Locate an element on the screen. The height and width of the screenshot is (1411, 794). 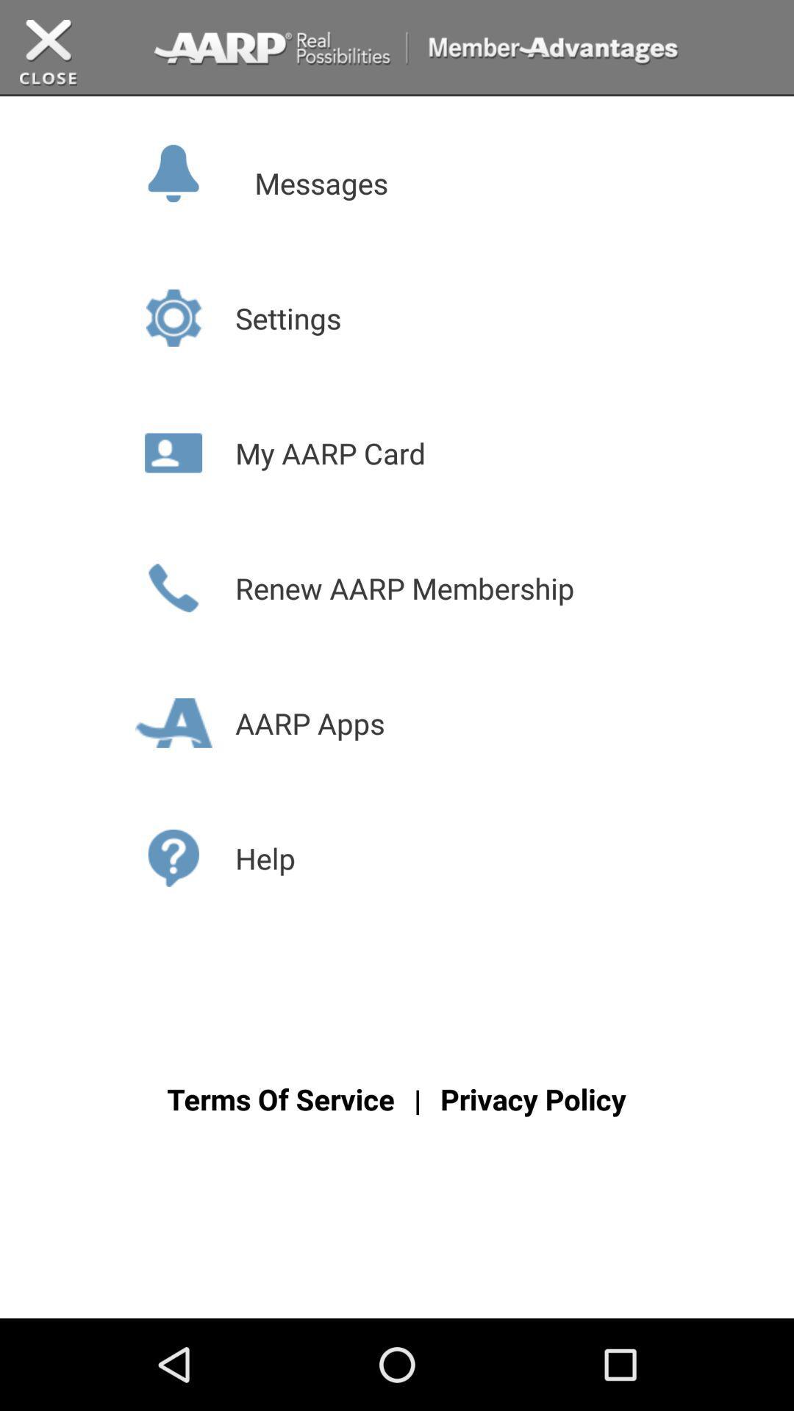
the messages icon on the page is located at coordinates (202, 171).